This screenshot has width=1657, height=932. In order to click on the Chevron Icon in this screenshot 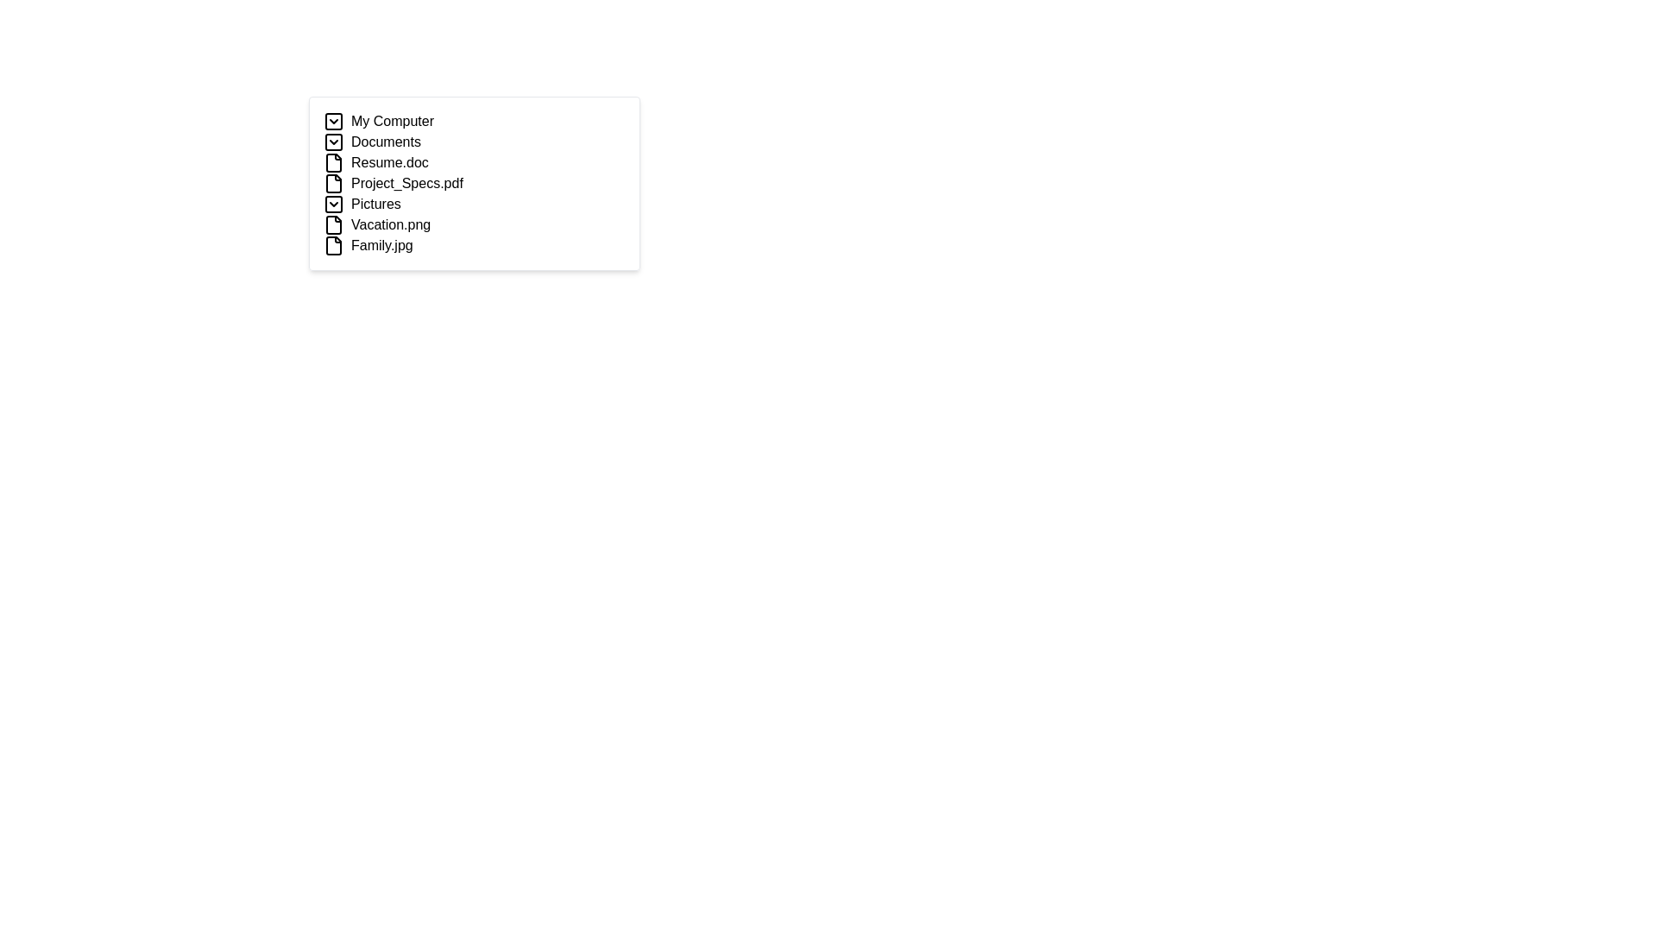, I will do `click(334, 203)`.